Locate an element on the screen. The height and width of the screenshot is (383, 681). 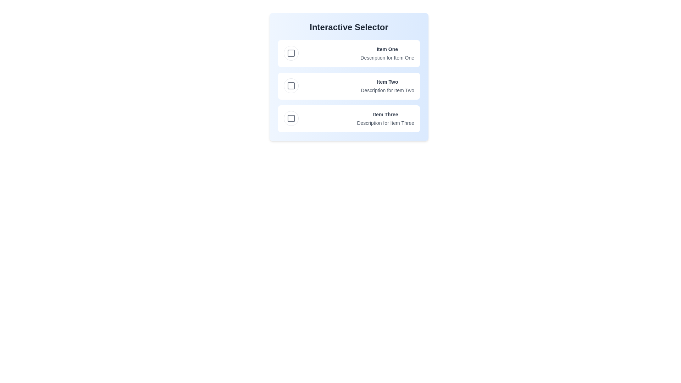
the small square SVG element styled as an 18x18px box with rounded corners, located beside the text 'Item One' in the 'Interactive Selector' panel is located at coordinates (291, 53).